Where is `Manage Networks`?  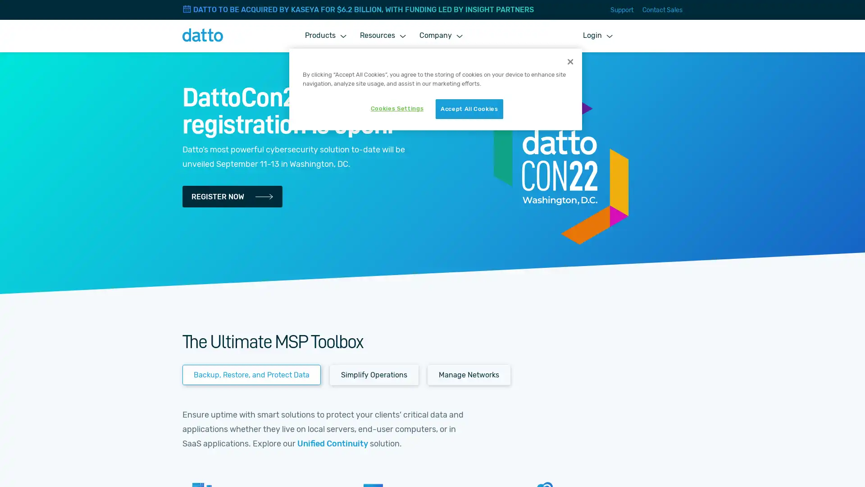 Manage Networks is located at coordinates (469, 375).